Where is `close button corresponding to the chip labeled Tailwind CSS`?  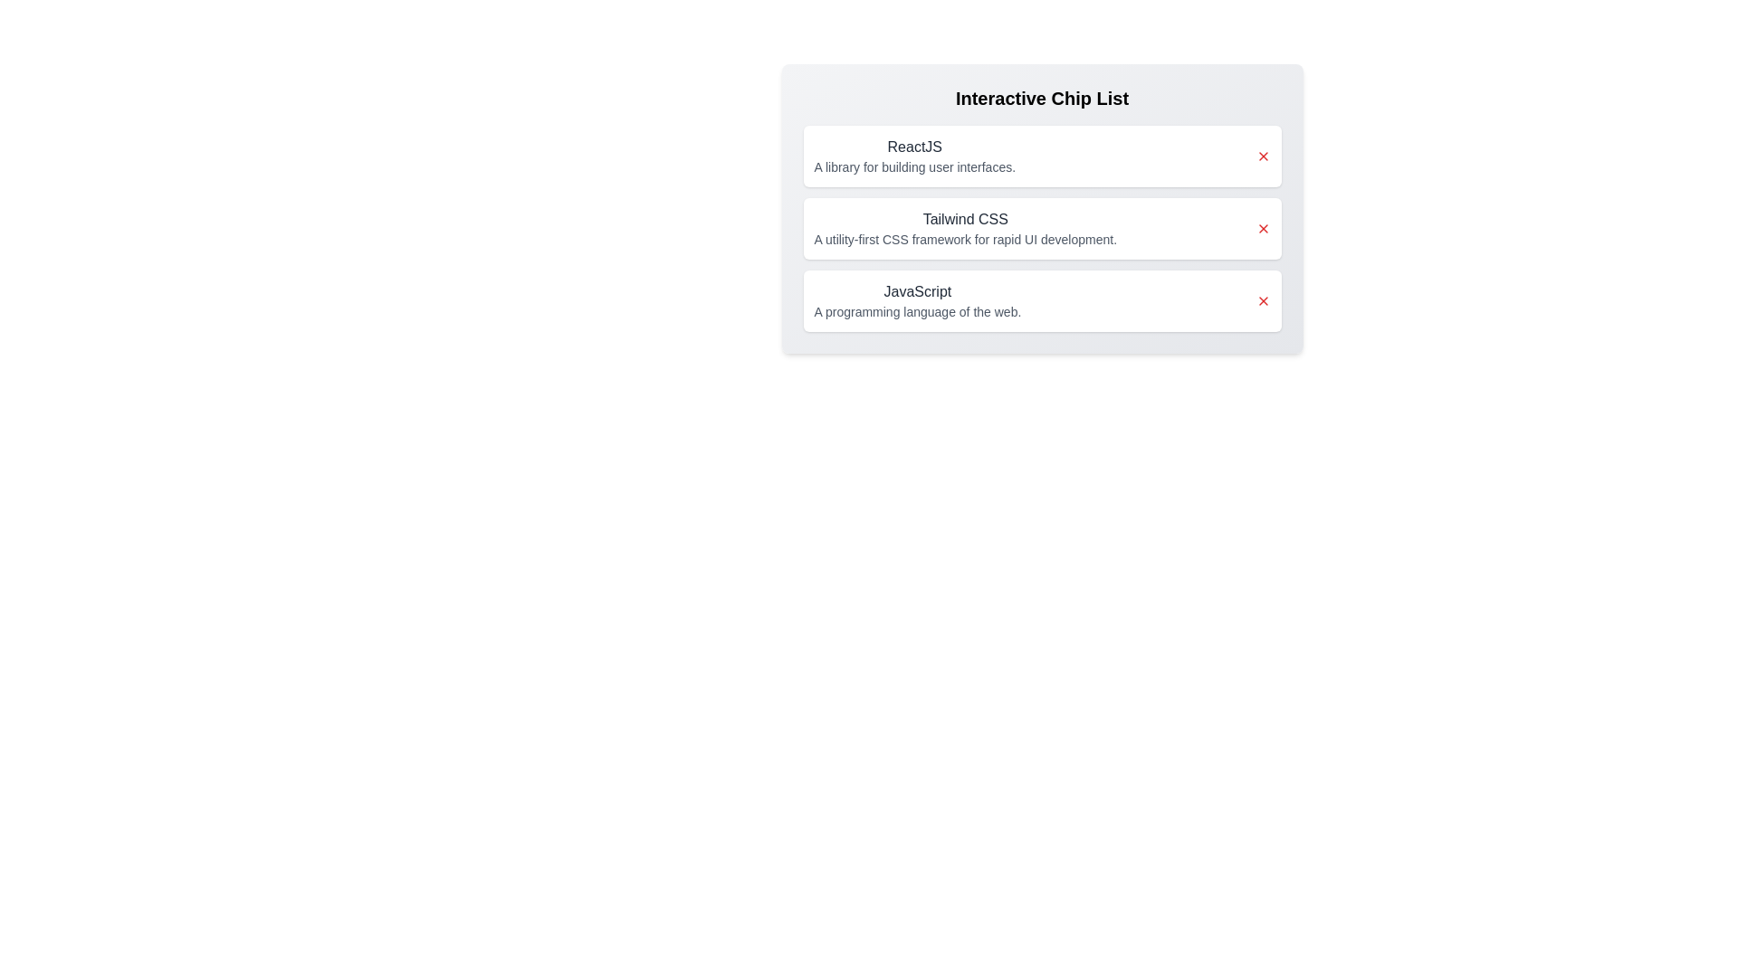
close button corresponding to the chip labeled Tailwind CSS is located at coordinates (1262, 228).